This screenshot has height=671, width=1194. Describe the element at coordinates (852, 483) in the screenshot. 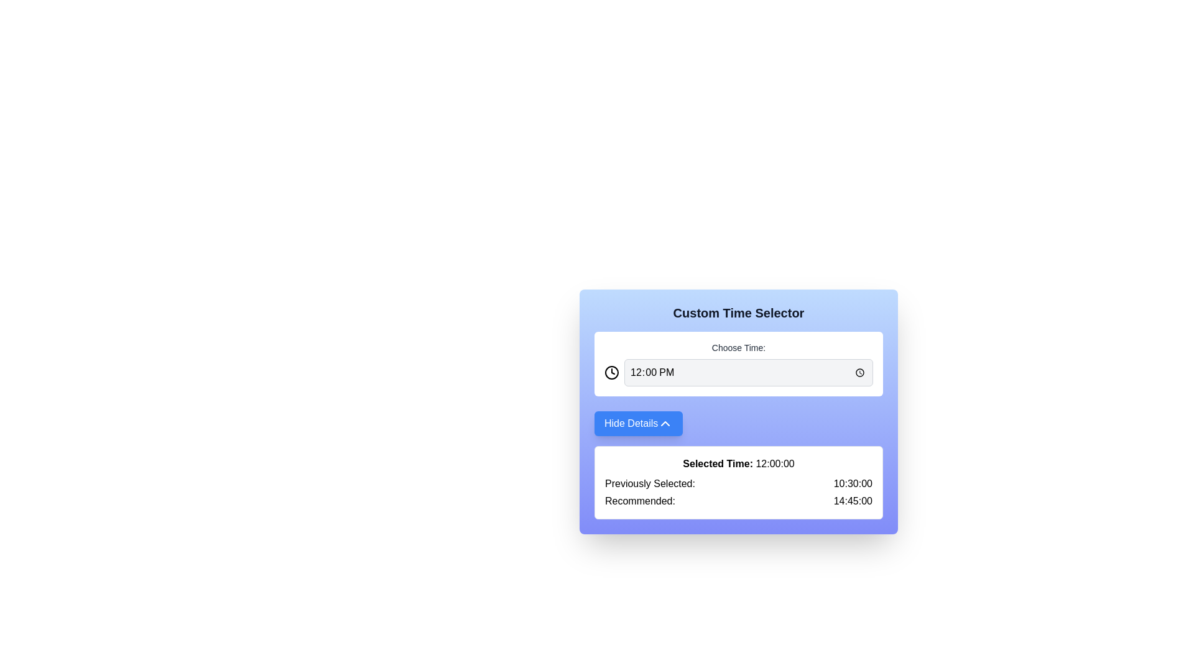

I see `time displayed in the static text label showing '10:30:00', located within a white box section under the light blue header area, to the right of the label 'Previously Selected:'` at that location.